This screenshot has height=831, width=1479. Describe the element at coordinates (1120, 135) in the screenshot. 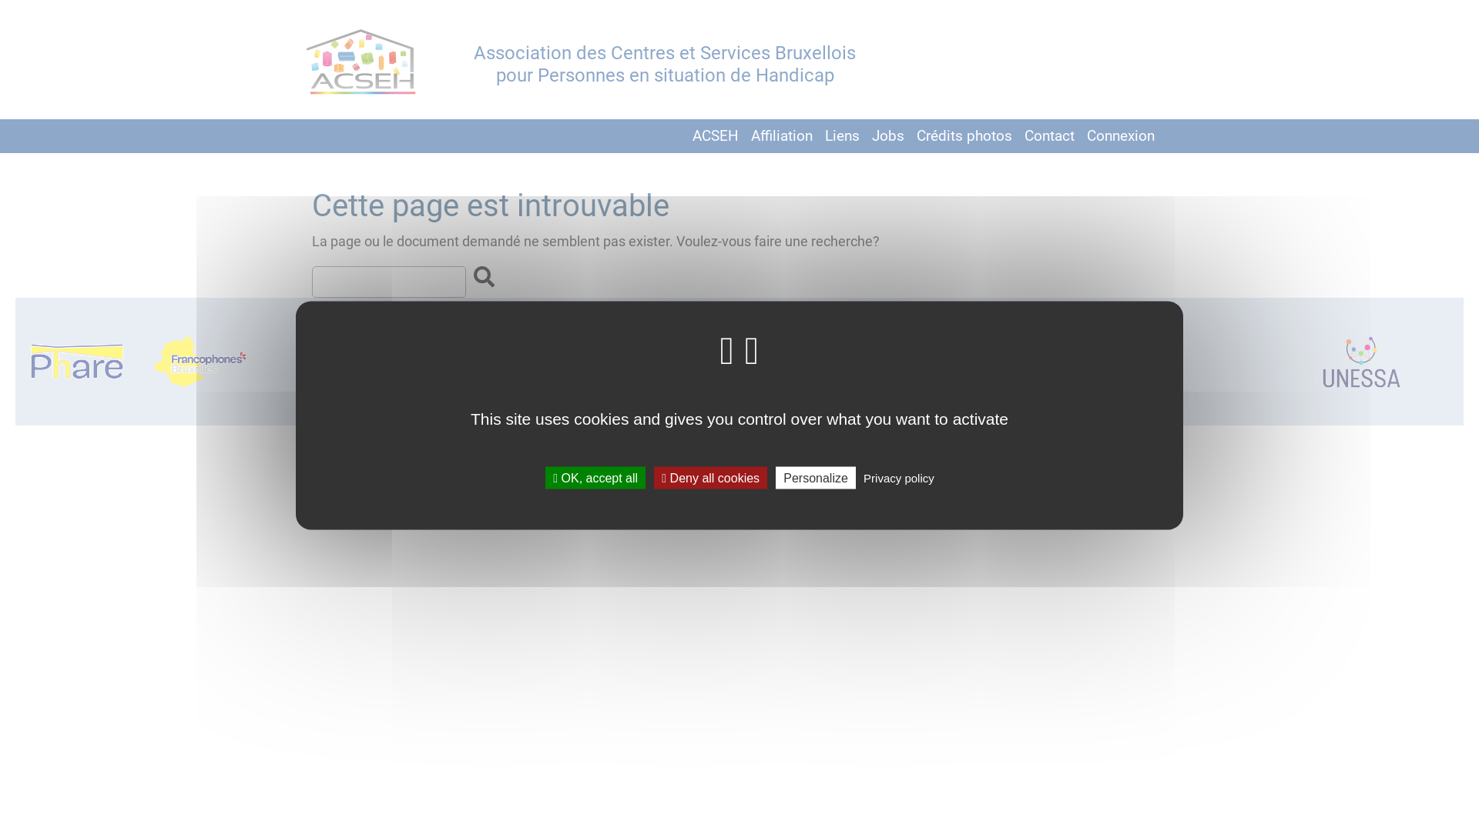

I see `'Connexion'` at that location.